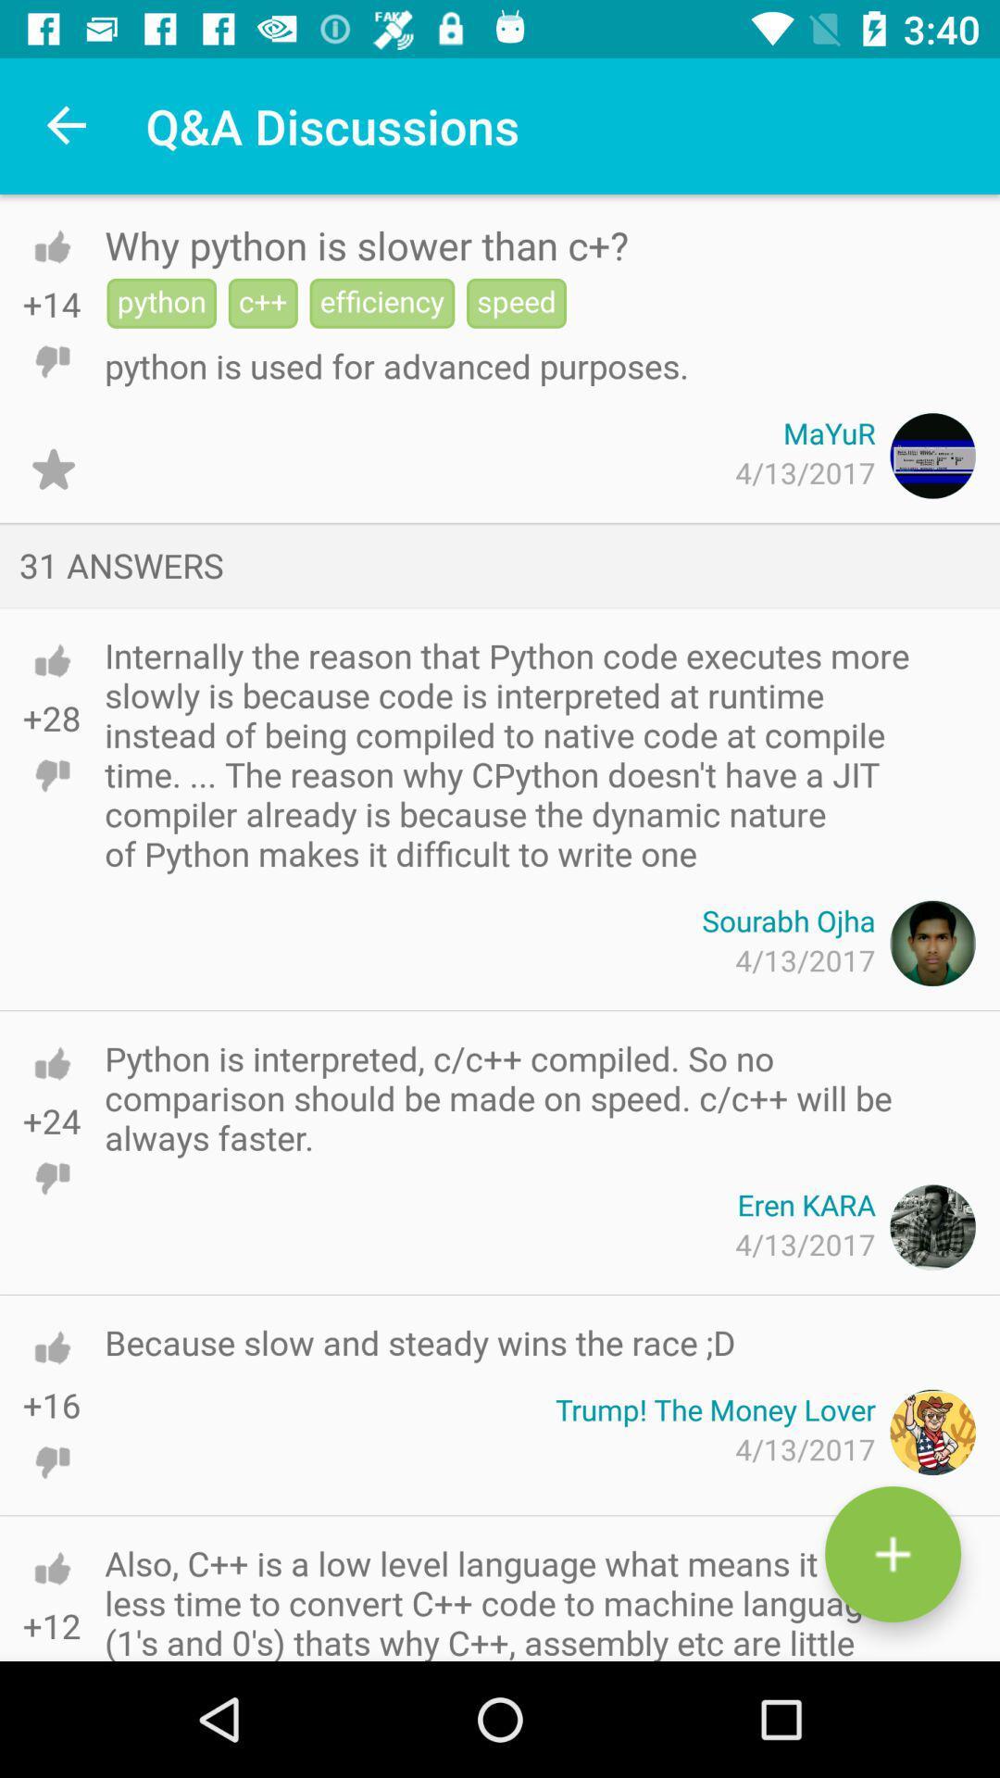  I want to click on icon below the 31 answers, so click(518, 754).